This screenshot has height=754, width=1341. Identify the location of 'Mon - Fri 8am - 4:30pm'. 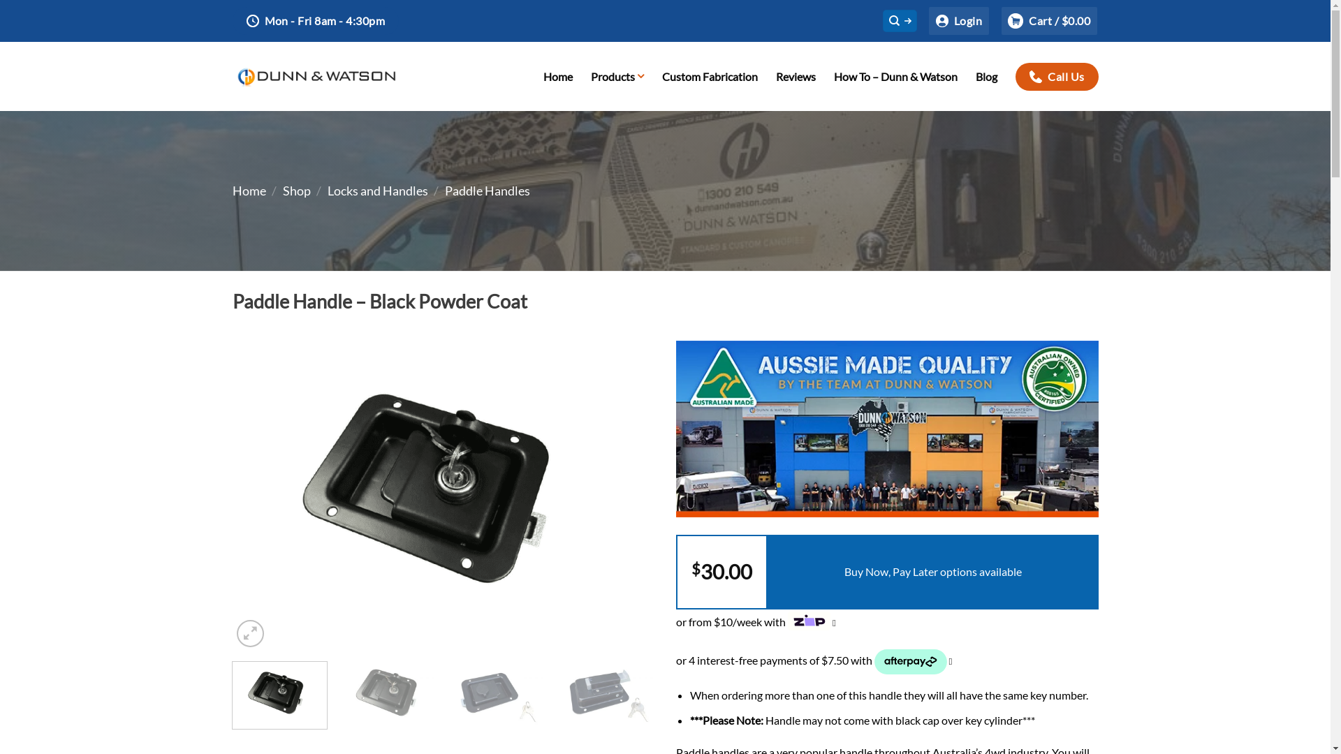
(314, 21).